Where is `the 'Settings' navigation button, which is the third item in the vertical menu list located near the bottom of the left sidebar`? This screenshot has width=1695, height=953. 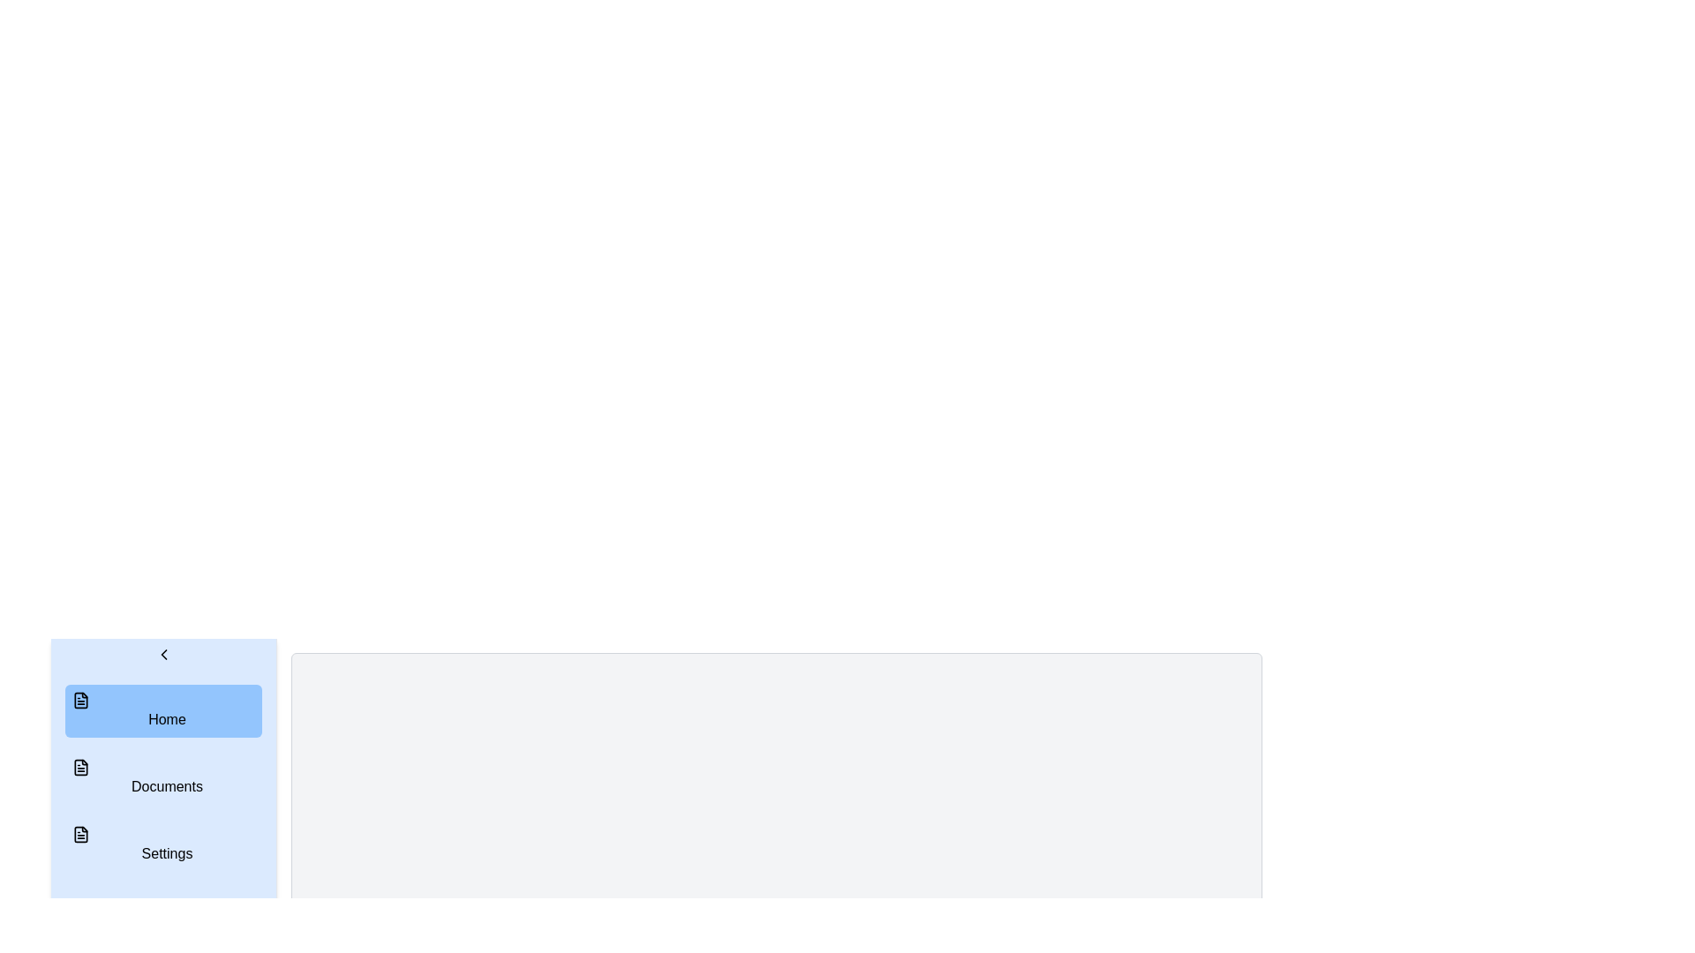 the 'Settings' navigation button, which is the third item in the vertical menu list located near the bottom of the left sidebar is located at coordinates (163, 844).